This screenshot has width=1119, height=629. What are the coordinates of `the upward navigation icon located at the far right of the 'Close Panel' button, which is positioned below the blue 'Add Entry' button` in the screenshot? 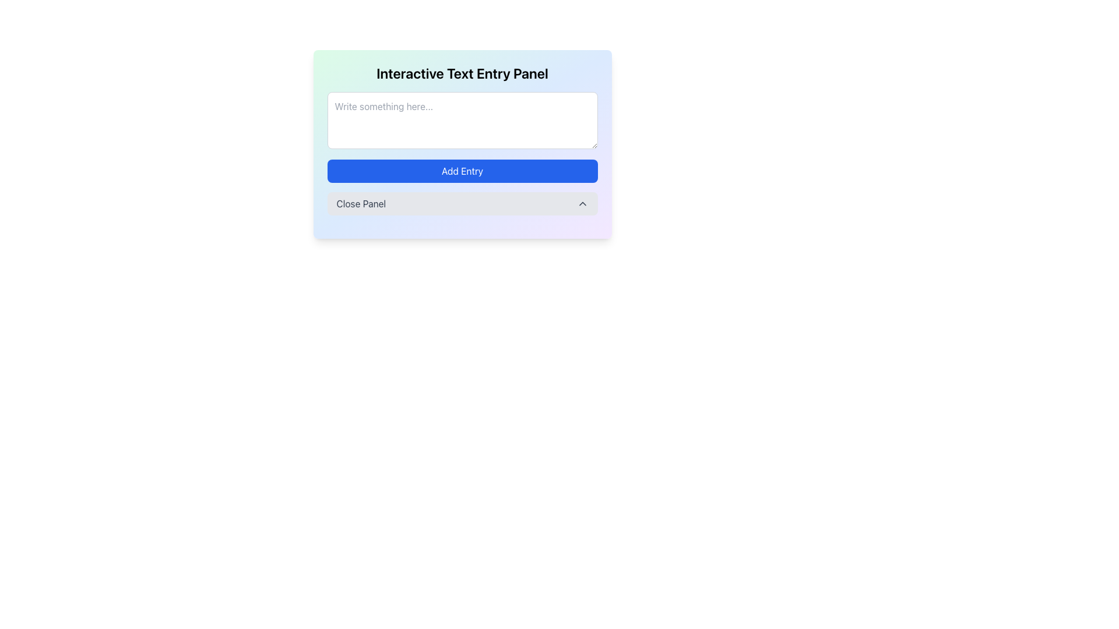 It's located at (582, 203).